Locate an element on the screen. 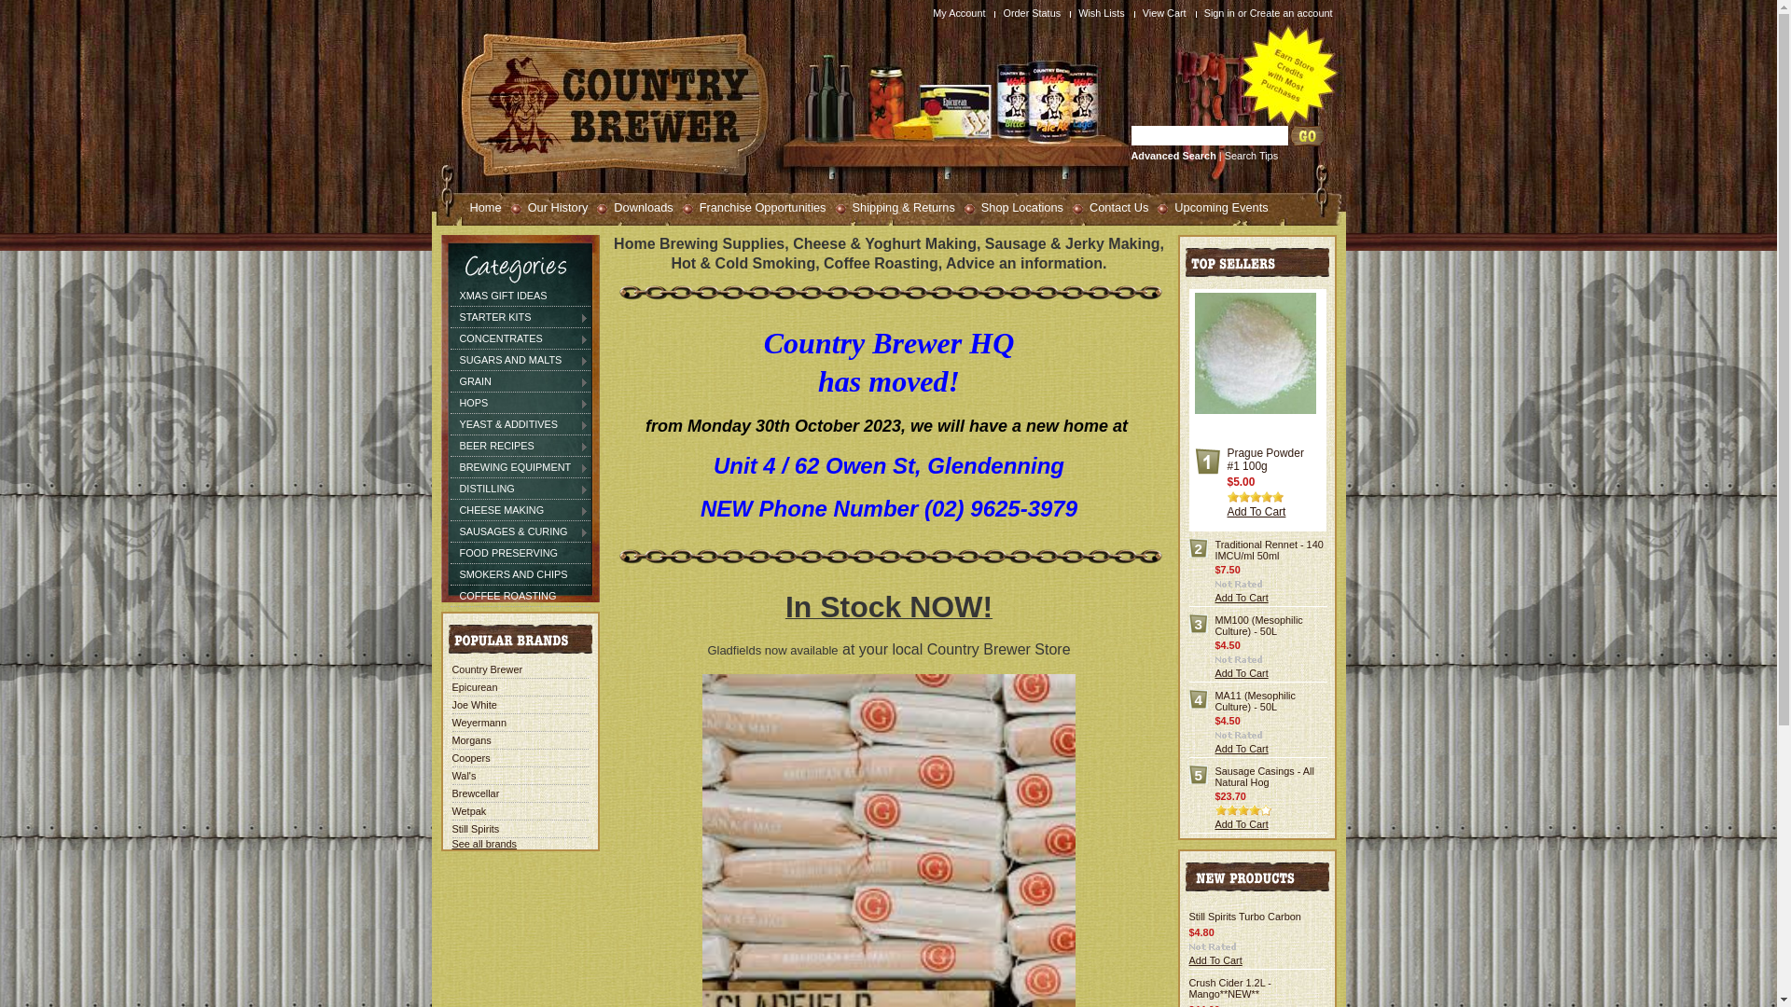 The width and height of the screenshot is (1791, 1007). 'Prague Powder #1 100g' is located at coordinates (1266, 460).